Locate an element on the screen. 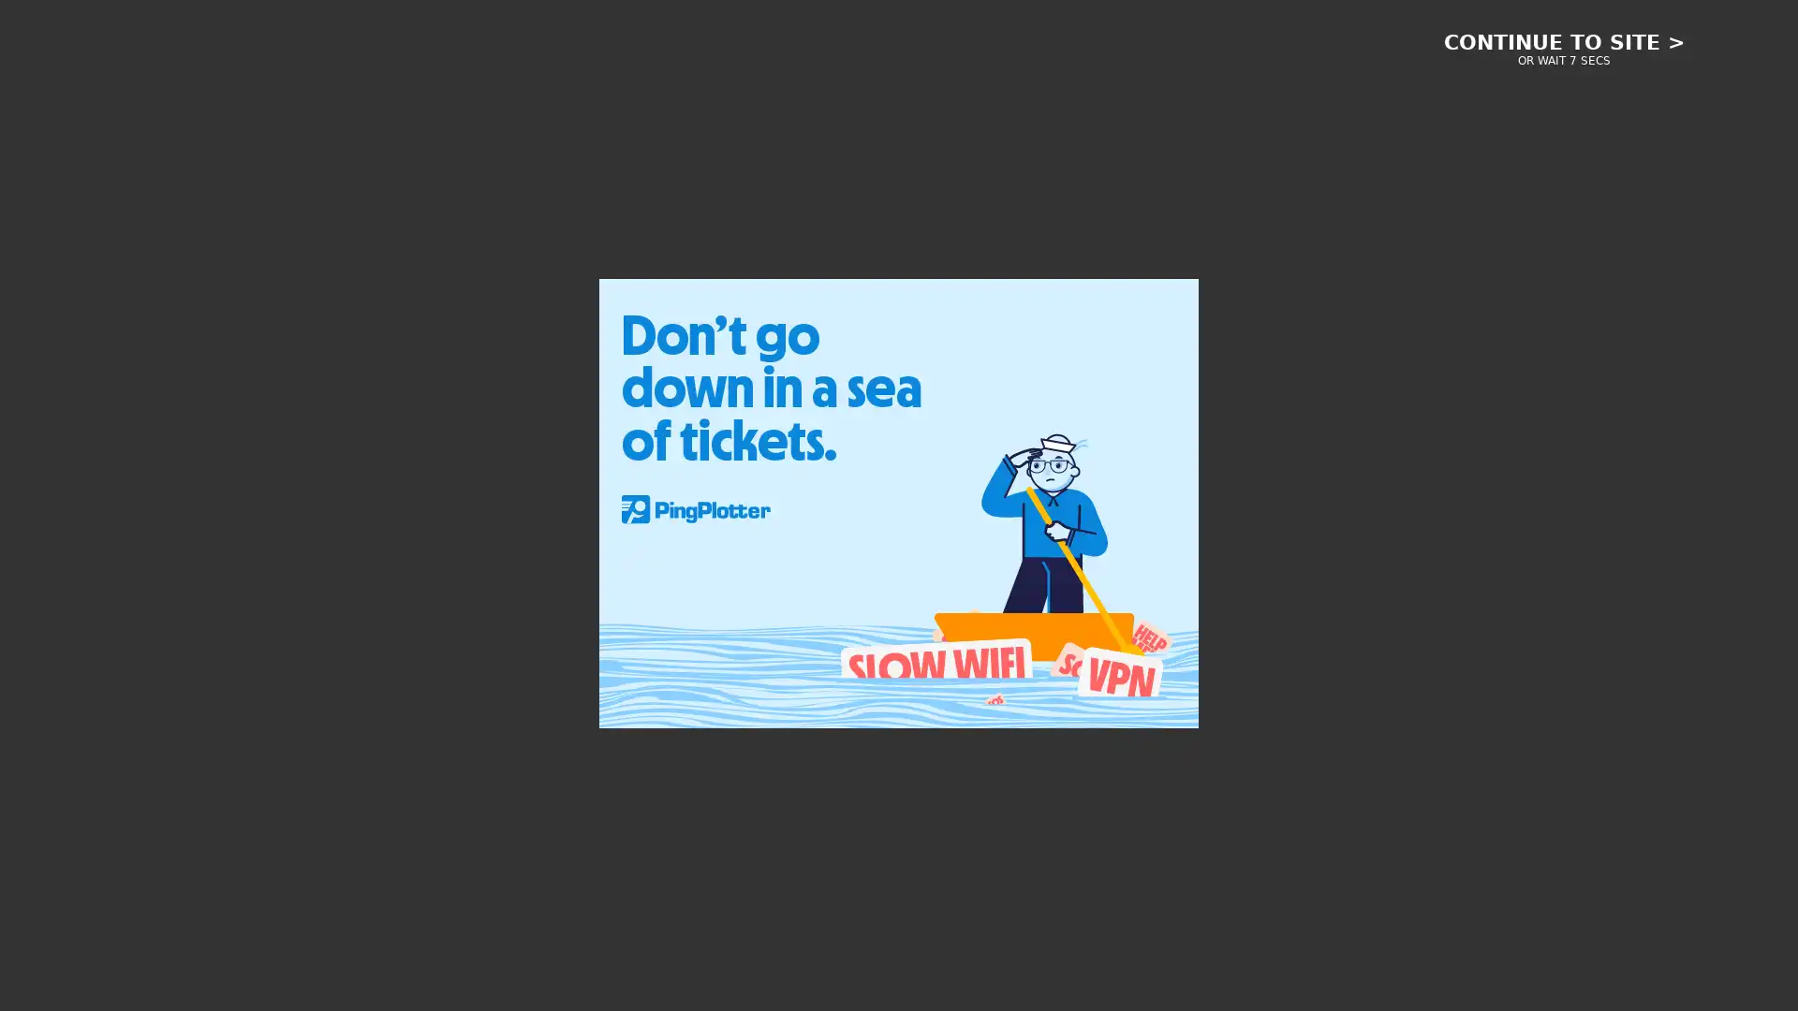 The height and width of the screenshot is (1011, 1798). Informa is located at coordinates (899, 14).